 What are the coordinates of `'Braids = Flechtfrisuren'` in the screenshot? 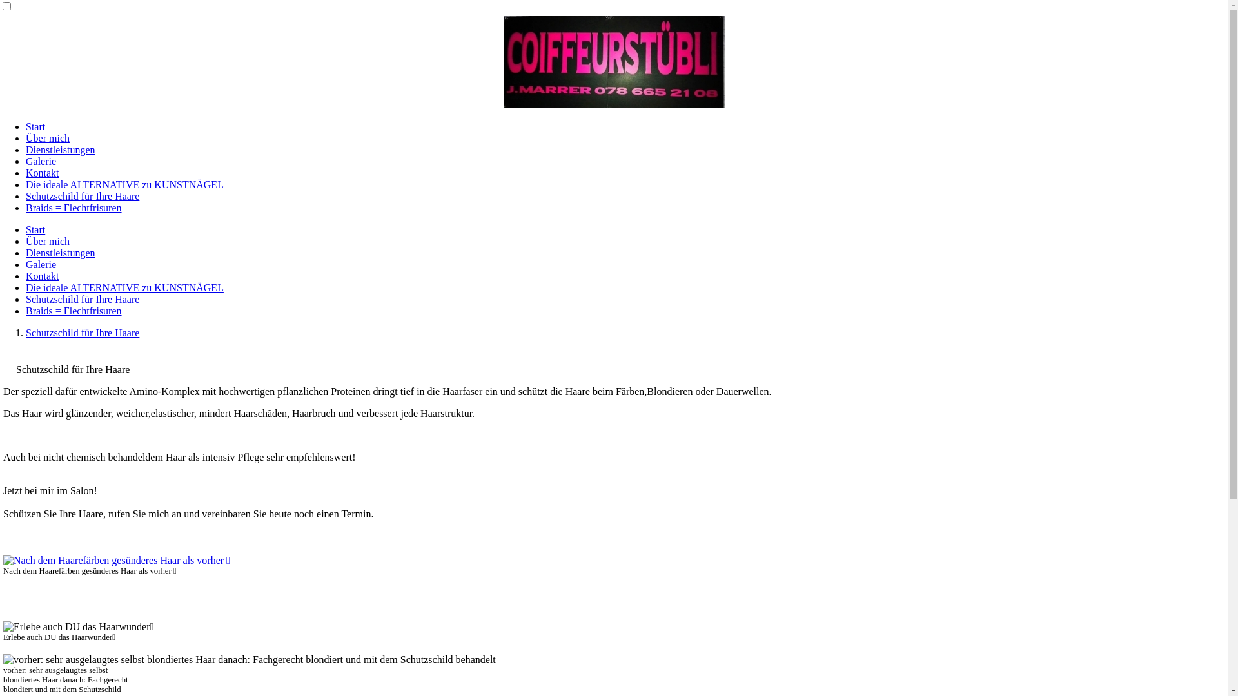 It's located at (73, 207).